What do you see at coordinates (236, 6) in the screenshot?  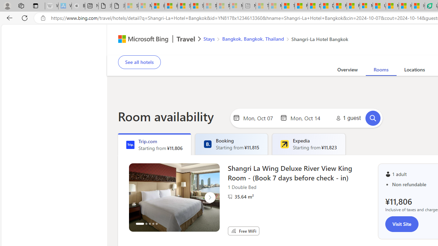 I see `'Microsoft account | Account Checkup - Sleeping'` at bounding box center [236, 6].